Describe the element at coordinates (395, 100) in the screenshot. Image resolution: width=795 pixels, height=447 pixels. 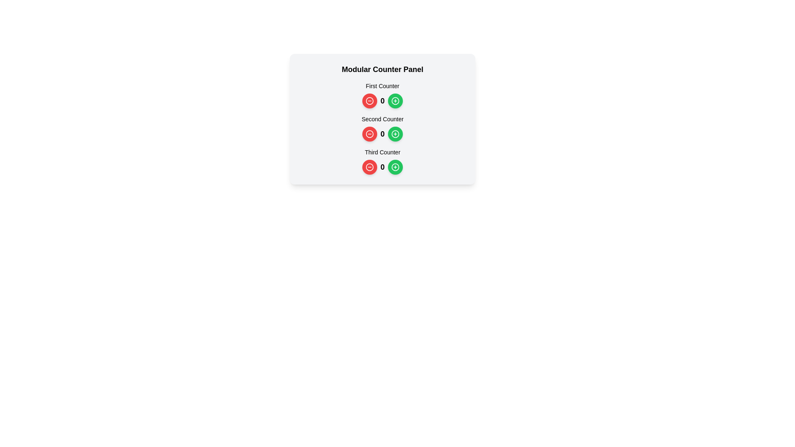
I see `the circular green button with a white plus icon, located at the right end of the first counter line, to observe styling changes due to the hover effect` at that location.